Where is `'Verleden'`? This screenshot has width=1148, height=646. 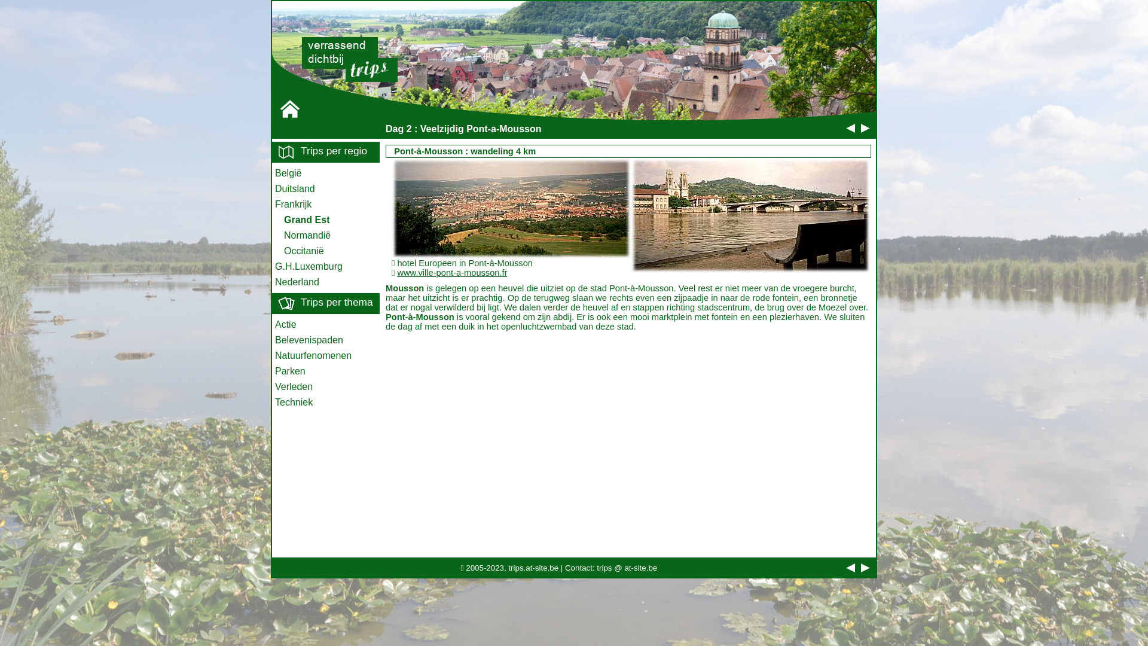 'Verleden' is located at coordinates (326, 387).